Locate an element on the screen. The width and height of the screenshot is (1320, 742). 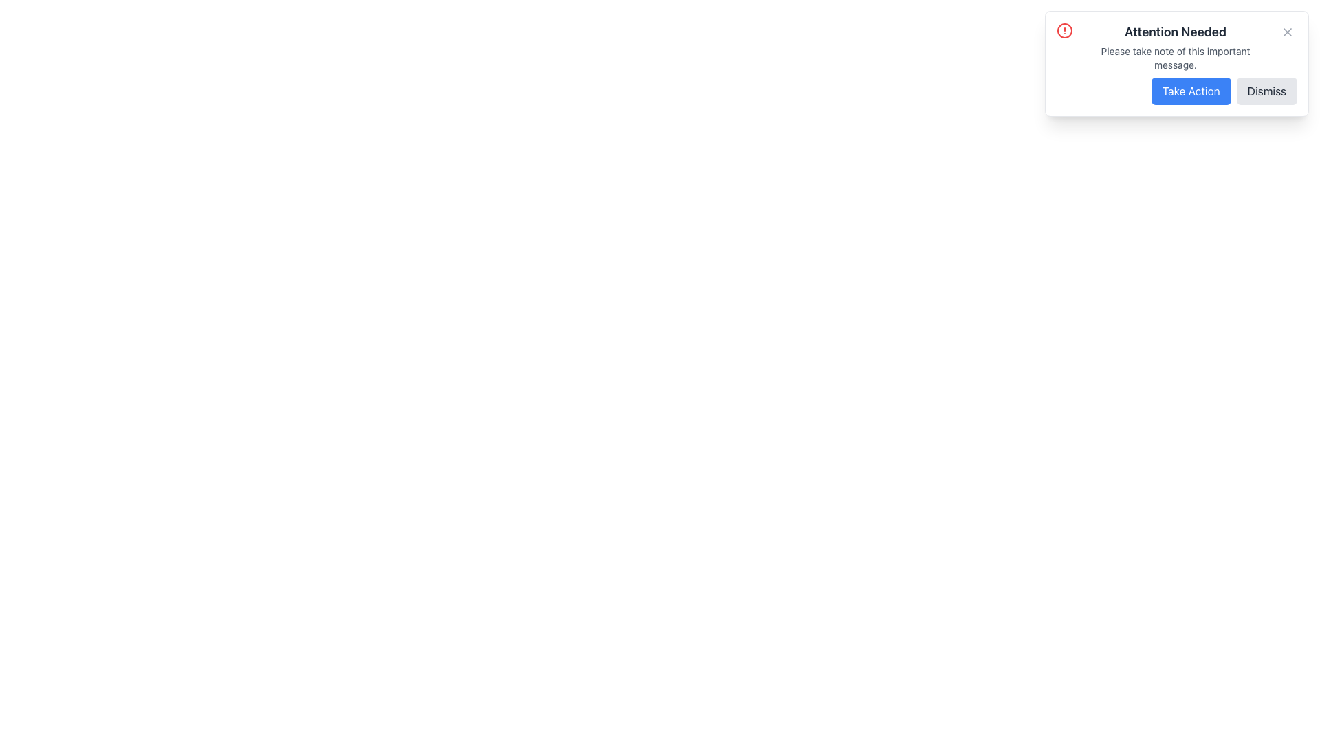
the Close Icon resembling an 'X' symbol at the top-right corner of the modal is located at coordinates (1286, 31).